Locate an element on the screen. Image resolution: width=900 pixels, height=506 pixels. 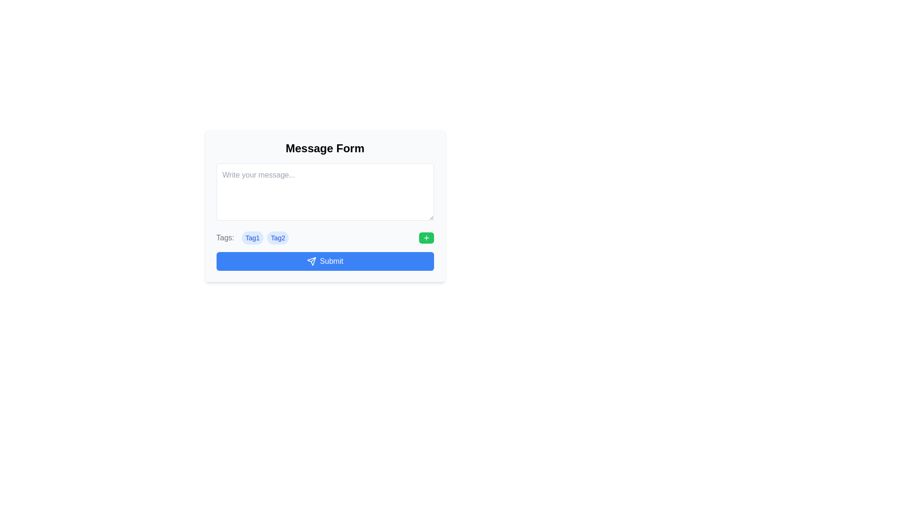
the first badge labeled 'Tag1' in the form, which is a small rounded badge with a light blue background and bold blue text, located below the 'Tags:' text field is located at coordinates (252, 238).